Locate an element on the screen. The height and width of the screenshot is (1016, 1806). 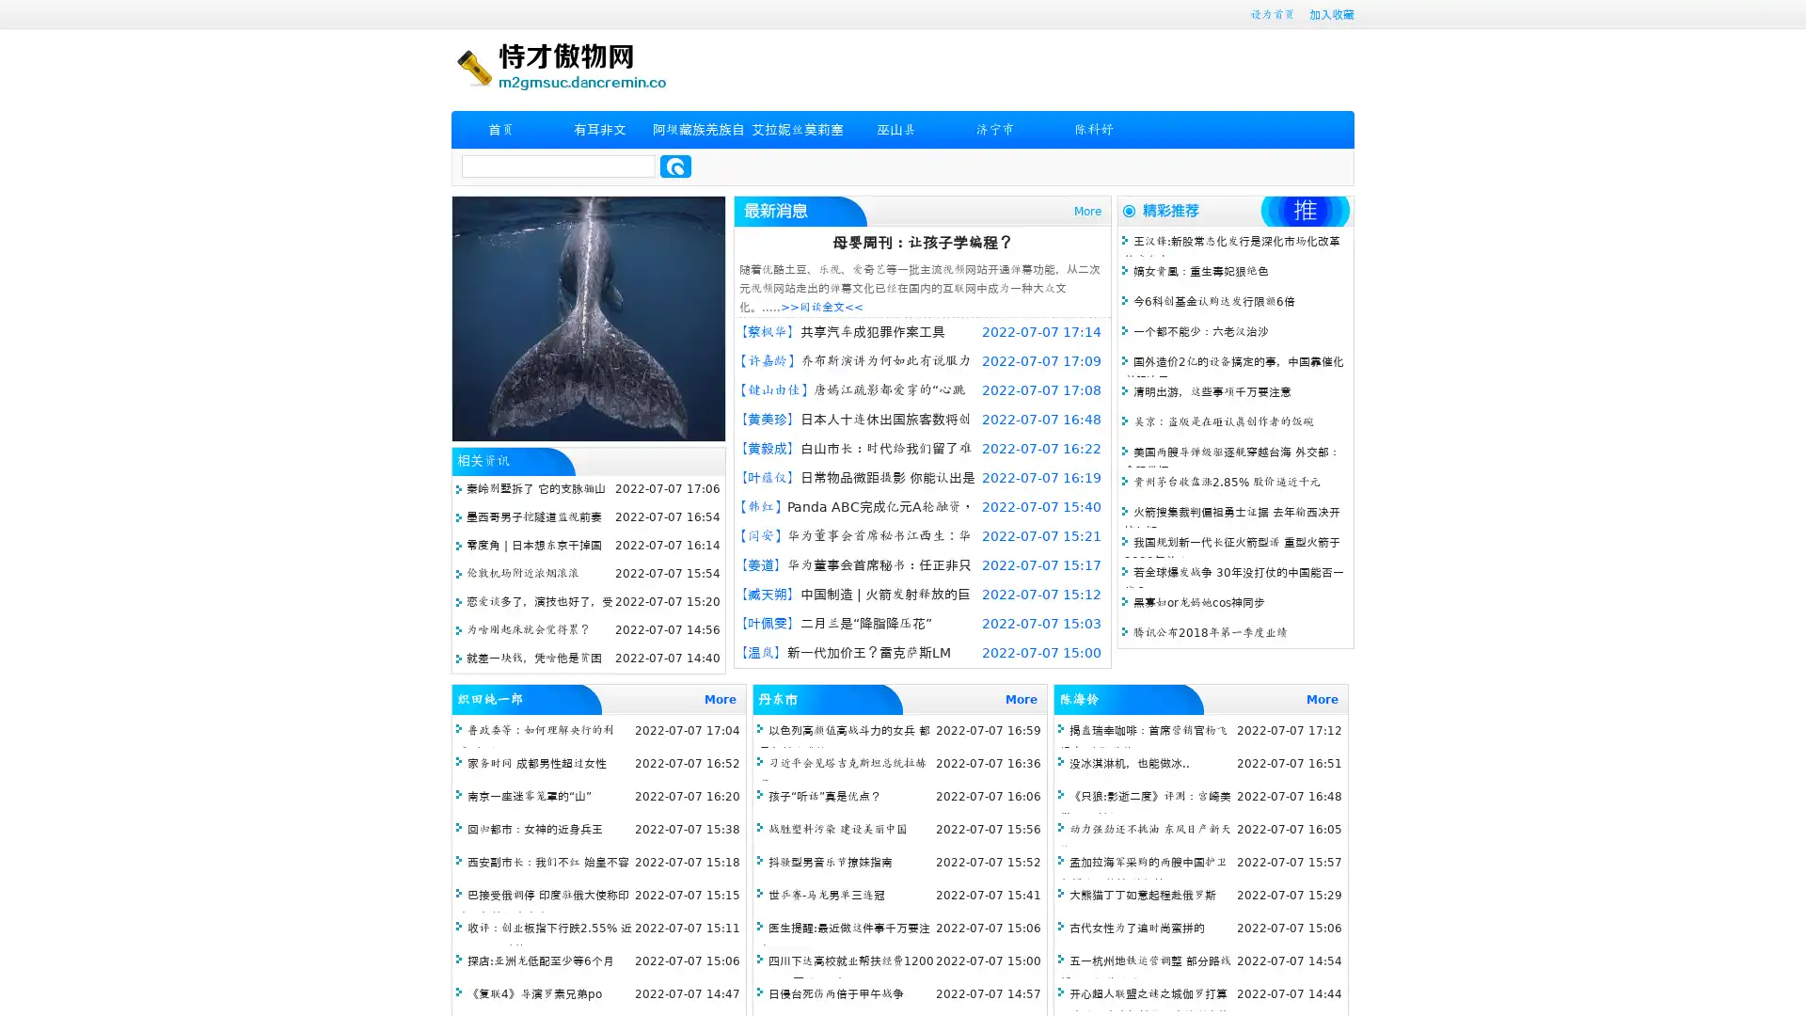
Search is located at coordinates (675, 166).